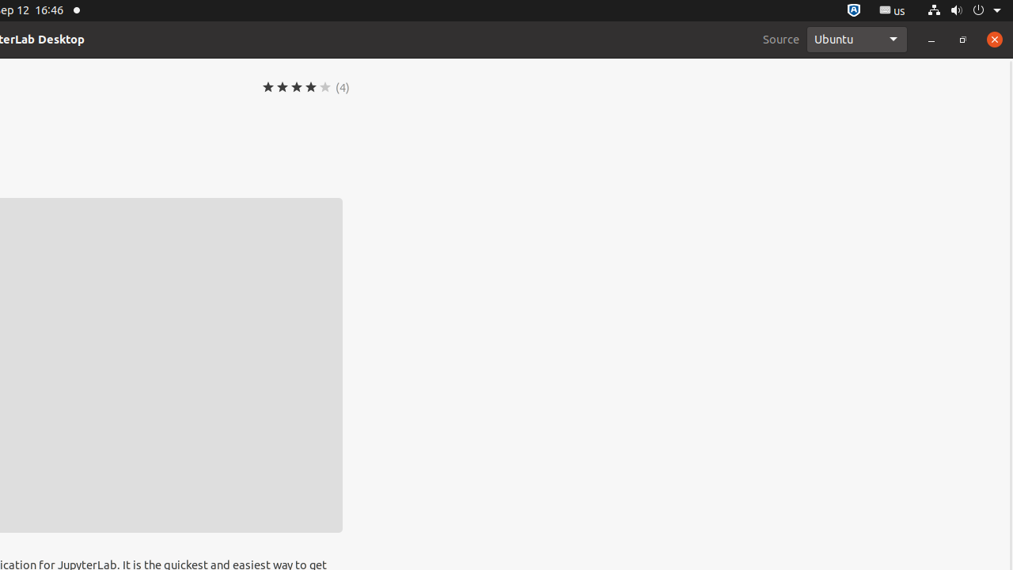 Image resolution: width=1013 pixels, height=570 pixels. Describe the element at coordinates (342, 87) in the screenshot. I see `'(4)'` at that location.